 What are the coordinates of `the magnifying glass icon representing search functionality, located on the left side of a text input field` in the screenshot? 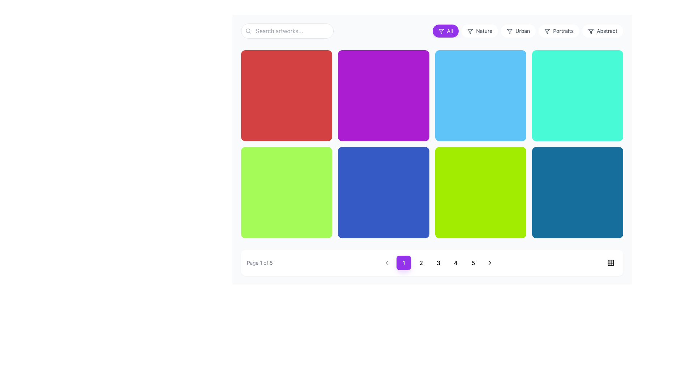 It's located at (248, 30).